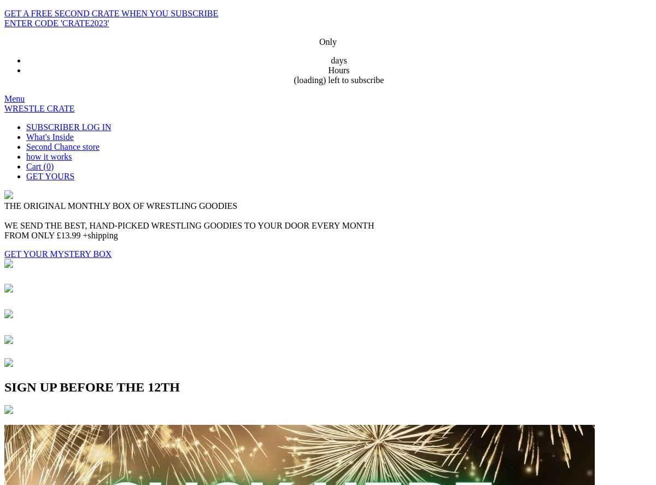 The image size is (656, 485). What do you see at coordinates (26, 176) in the screenshot?
I see `'GET YOURS'` at bounding box center [26, 176].